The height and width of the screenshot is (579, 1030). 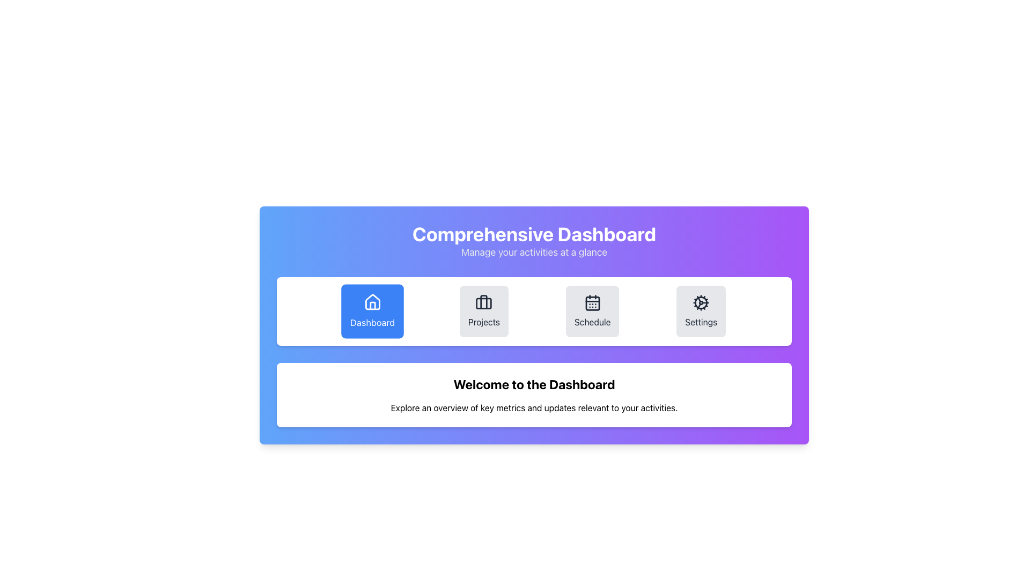 I want to click on the SVG icon of a briefcase located on the gray button labeled 'Projects', so click(x=483, y=302).